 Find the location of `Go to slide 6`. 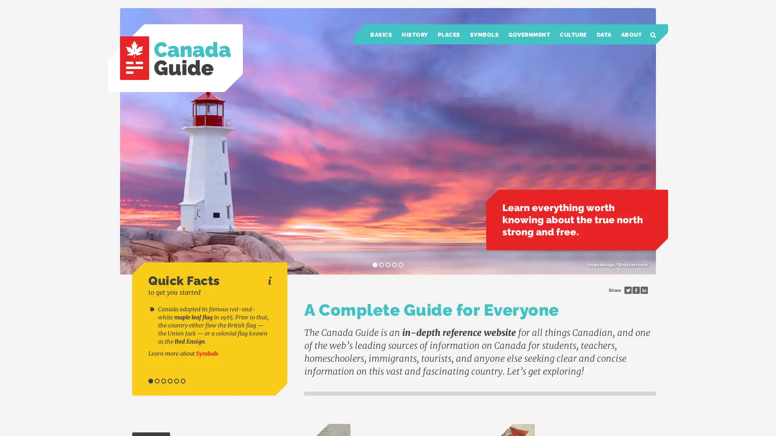

Go to slide 6 is located at coordinates (182, 381).